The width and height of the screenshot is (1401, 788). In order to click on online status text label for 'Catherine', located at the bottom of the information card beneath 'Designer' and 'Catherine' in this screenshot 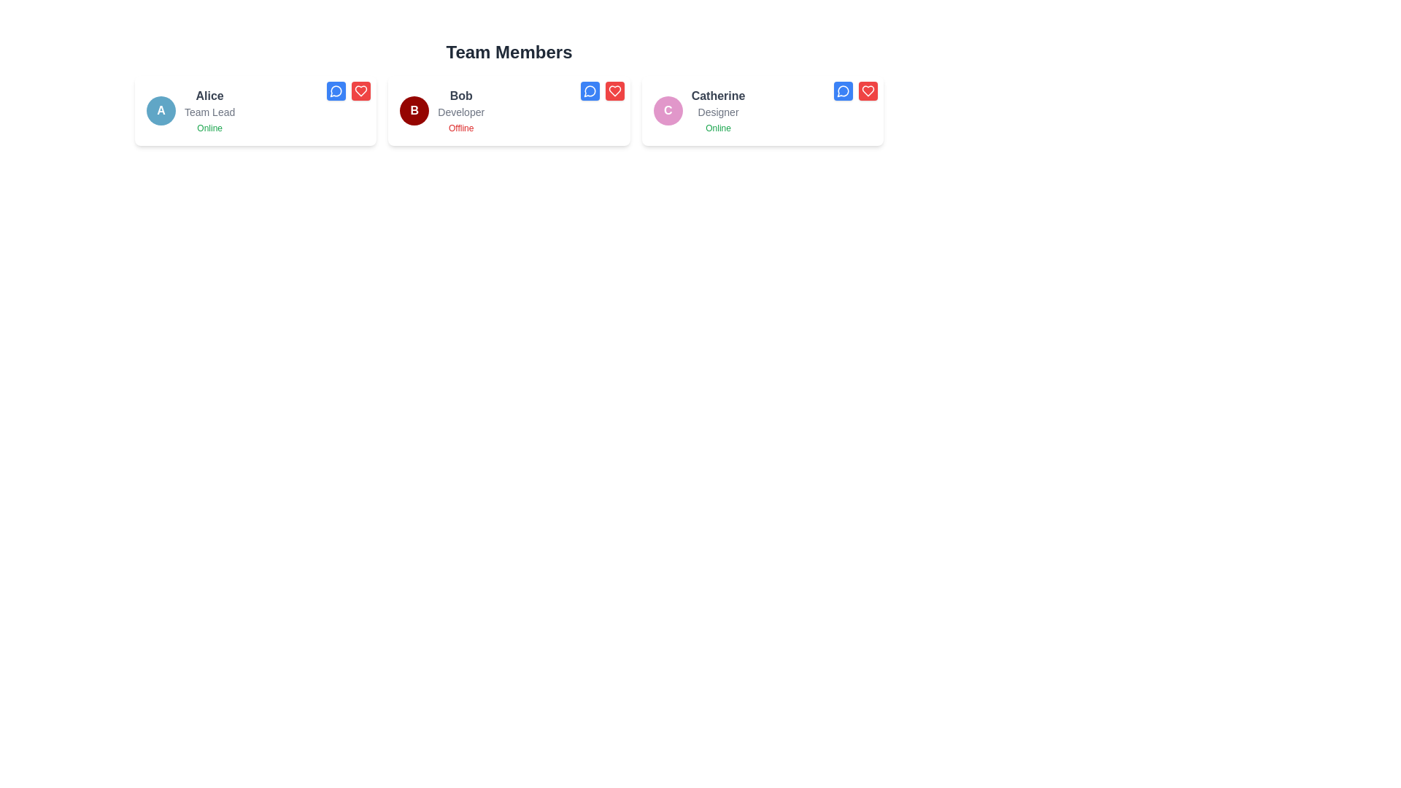, I will do `click(718, 128)`.